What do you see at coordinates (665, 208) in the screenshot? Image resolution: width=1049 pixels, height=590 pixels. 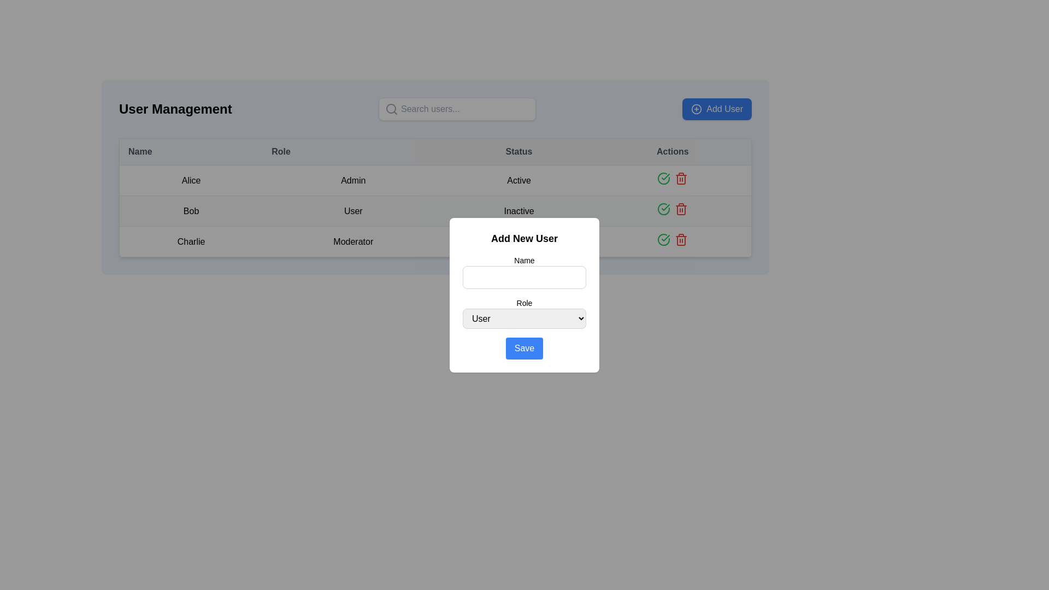 I see `the checkmark icon within the circular boundary in the 'Actions' column of the second row` at bounding box center [665, 208].